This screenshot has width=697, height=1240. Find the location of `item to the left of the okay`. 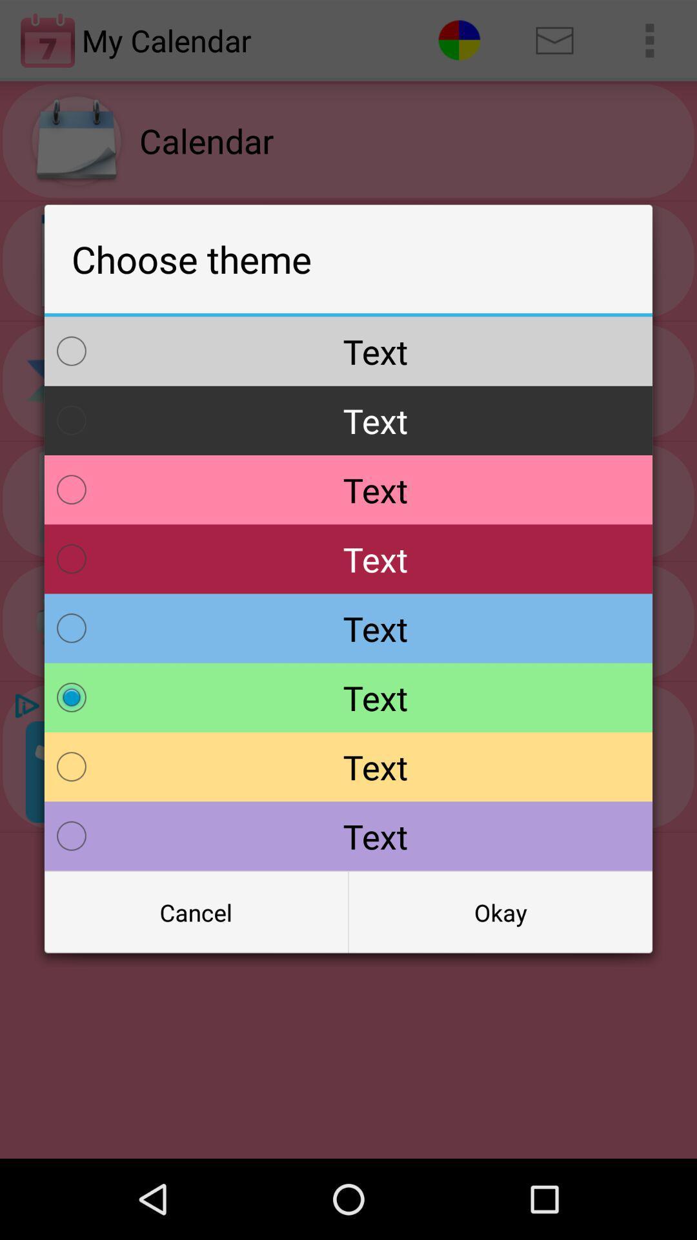

item to the left of the okay is located at coordinates (196, 911).